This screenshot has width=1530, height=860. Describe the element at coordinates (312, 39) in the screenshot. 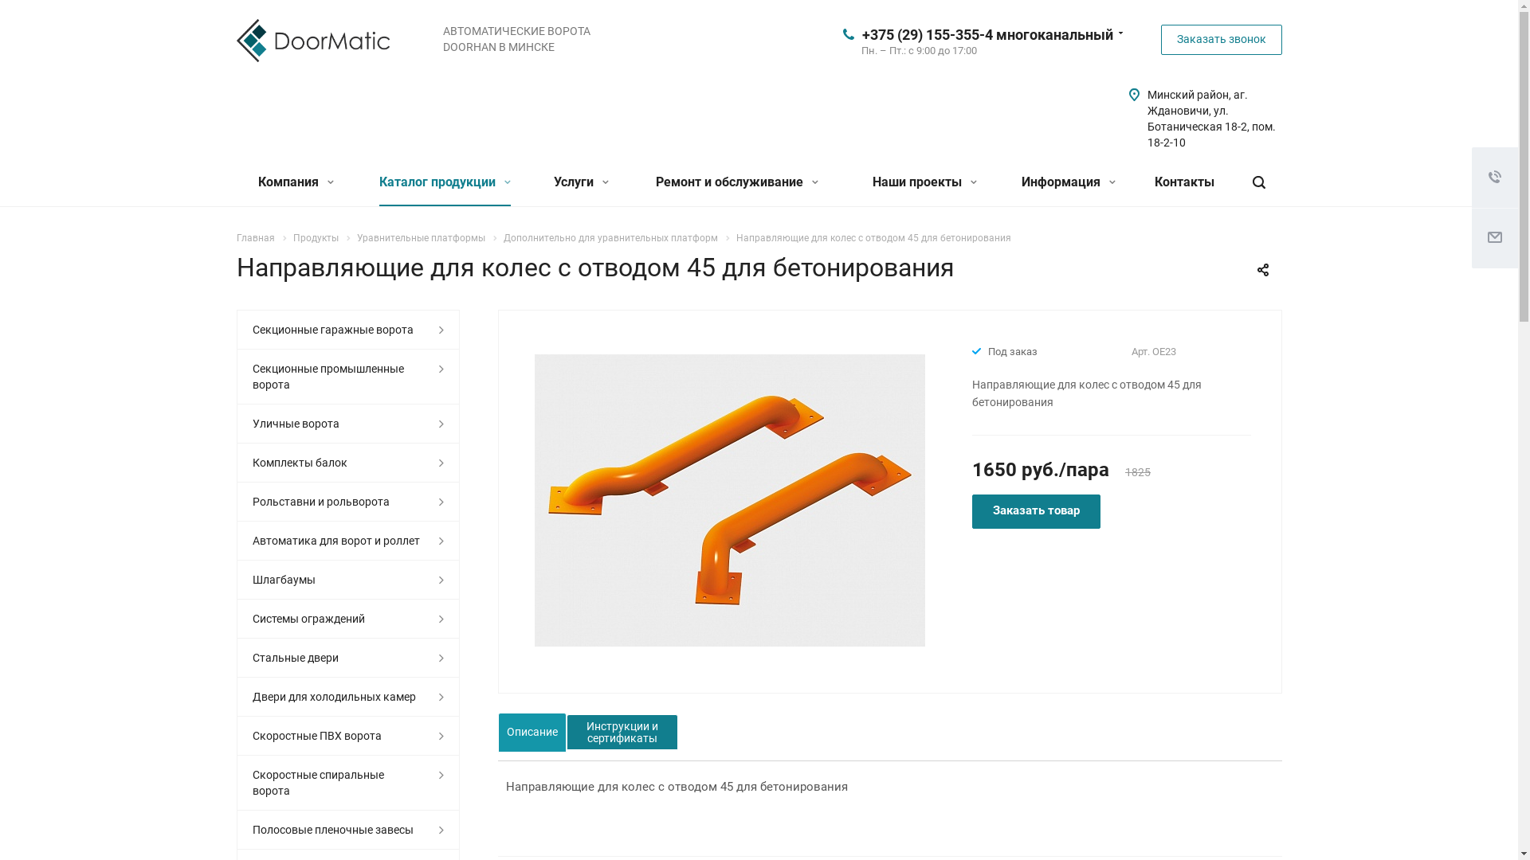

I see `'doormatic'` at that location.